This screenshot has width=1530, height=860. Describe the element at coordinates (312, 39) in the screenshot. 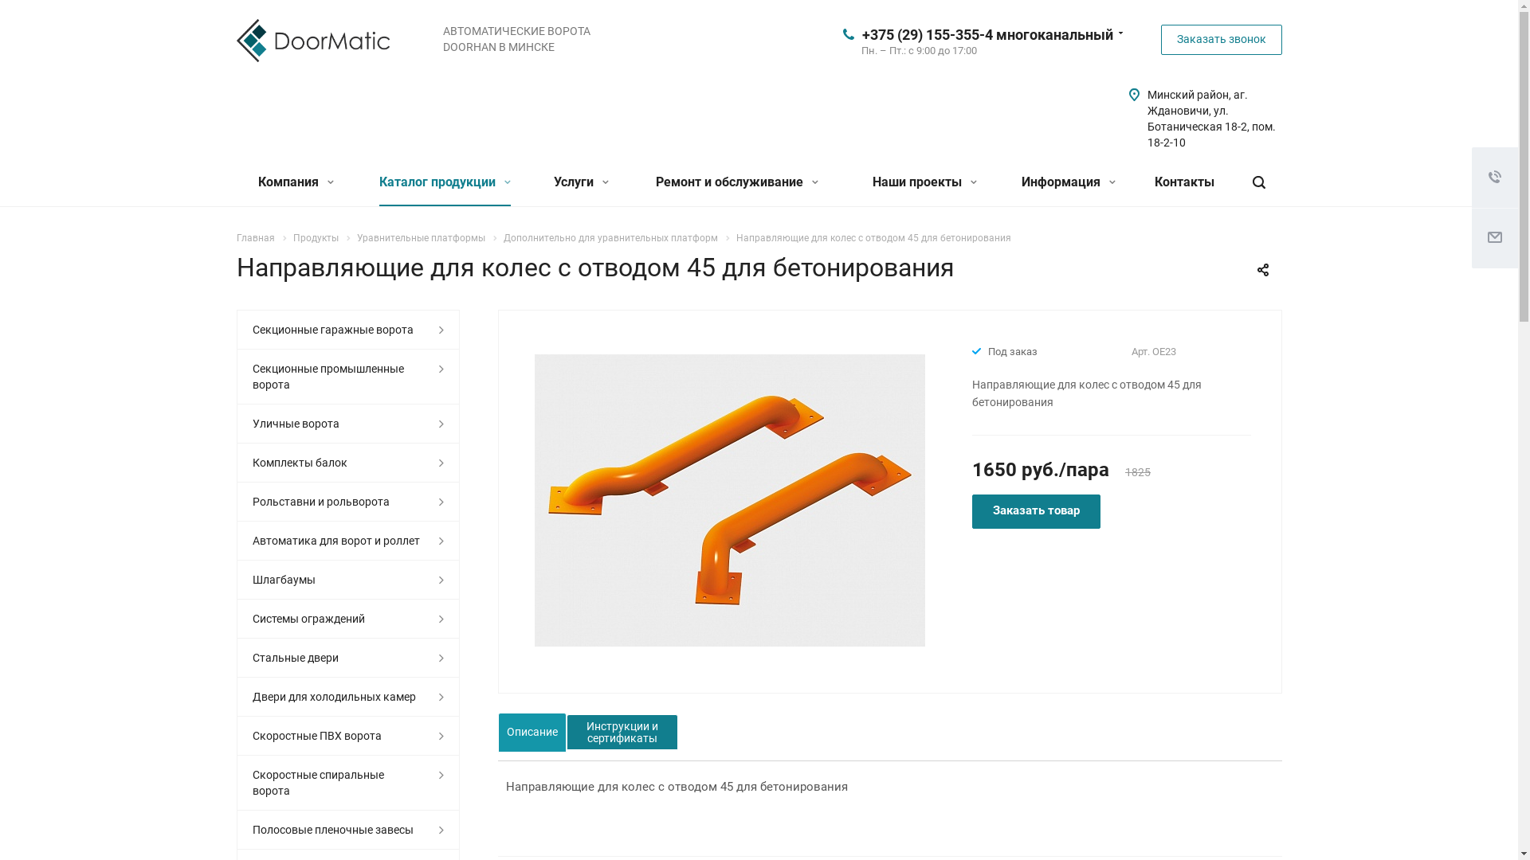

I see `'doormatic'` at that location.